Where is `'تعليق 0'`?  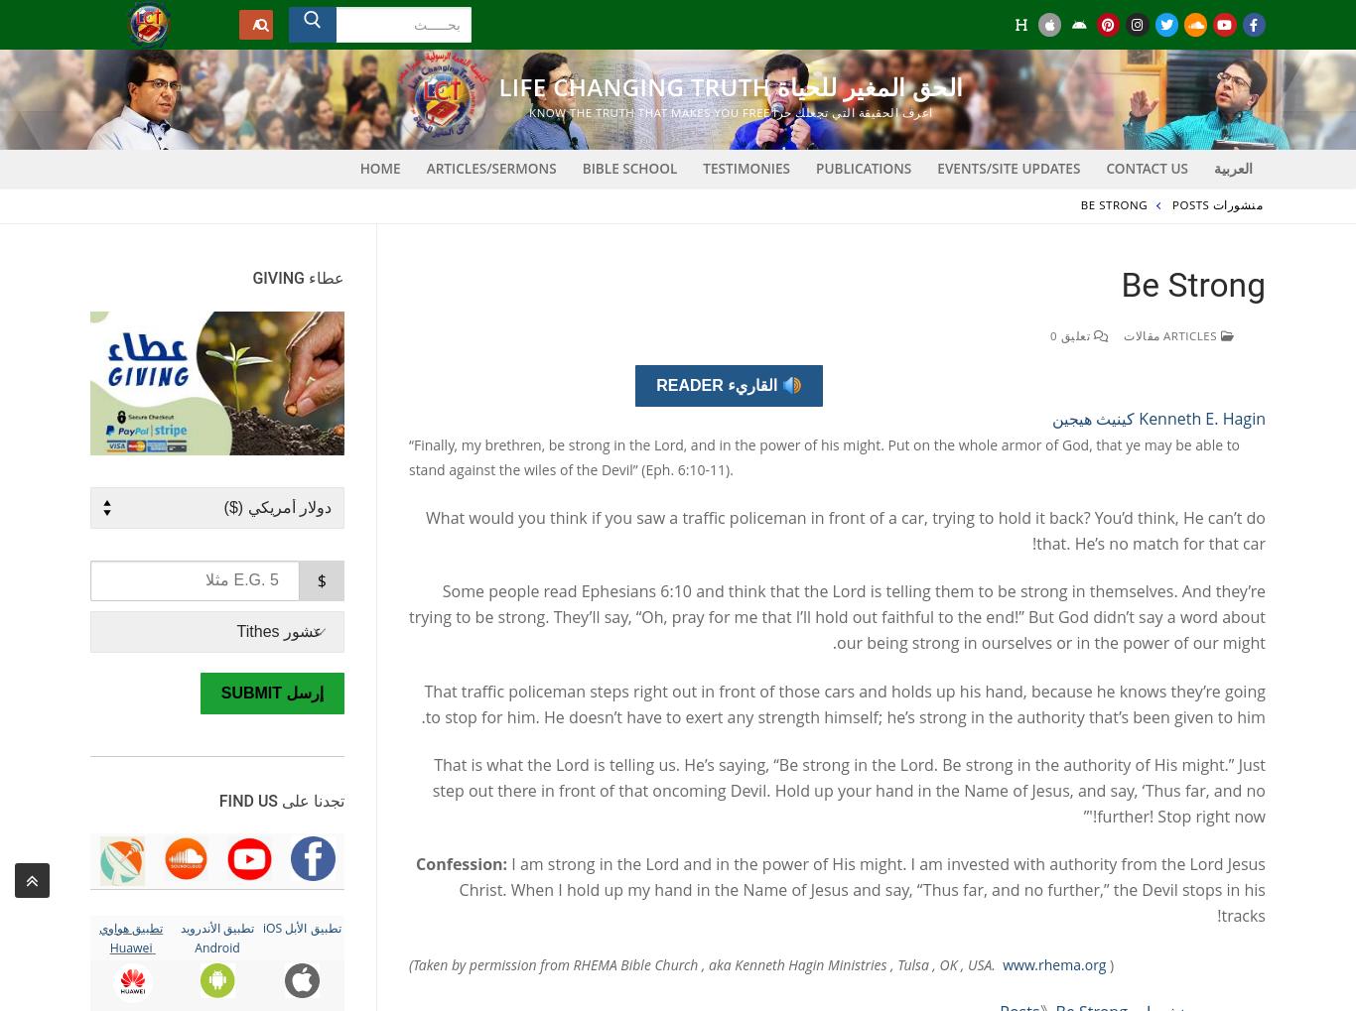 'تعليق 0' is located at coordinates (1048, 335).